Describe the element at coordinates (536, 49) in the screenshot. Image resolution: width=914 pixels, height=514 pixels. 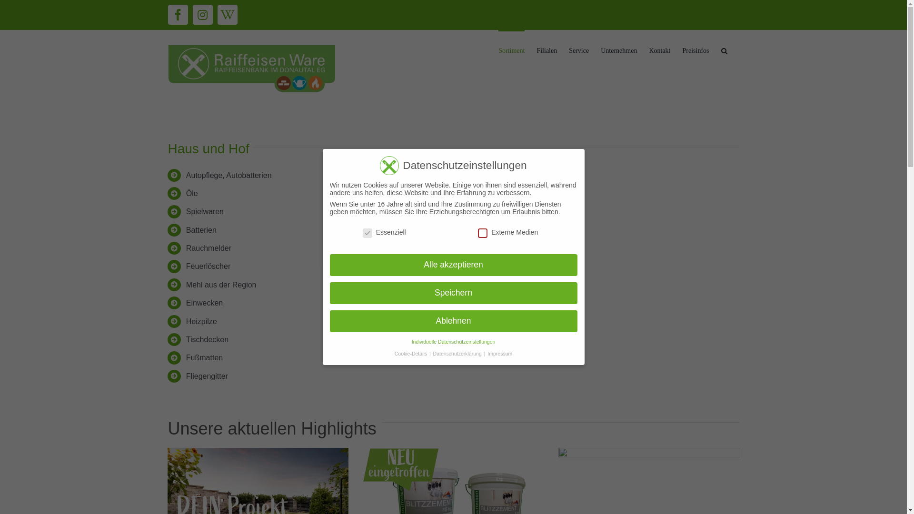
I see `'Filialen'` at that location.